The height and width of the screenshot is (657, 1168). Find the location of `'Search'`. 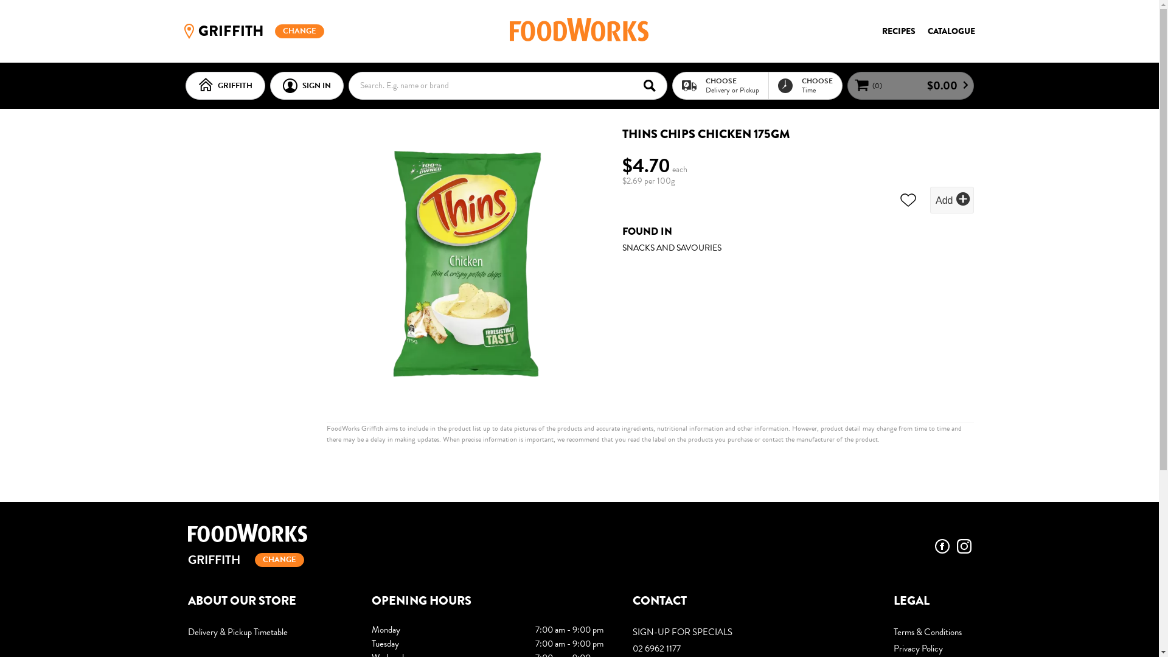

'Search' is located at coordinates (653, 84).